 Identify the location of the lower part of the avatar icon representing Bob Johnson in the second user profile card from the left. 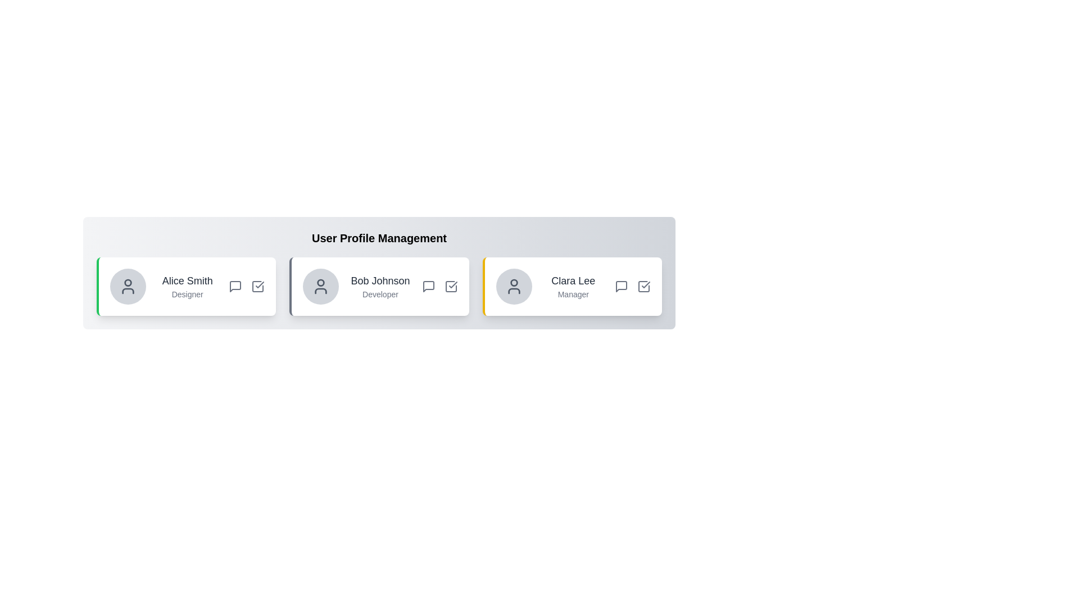
(320, 290).